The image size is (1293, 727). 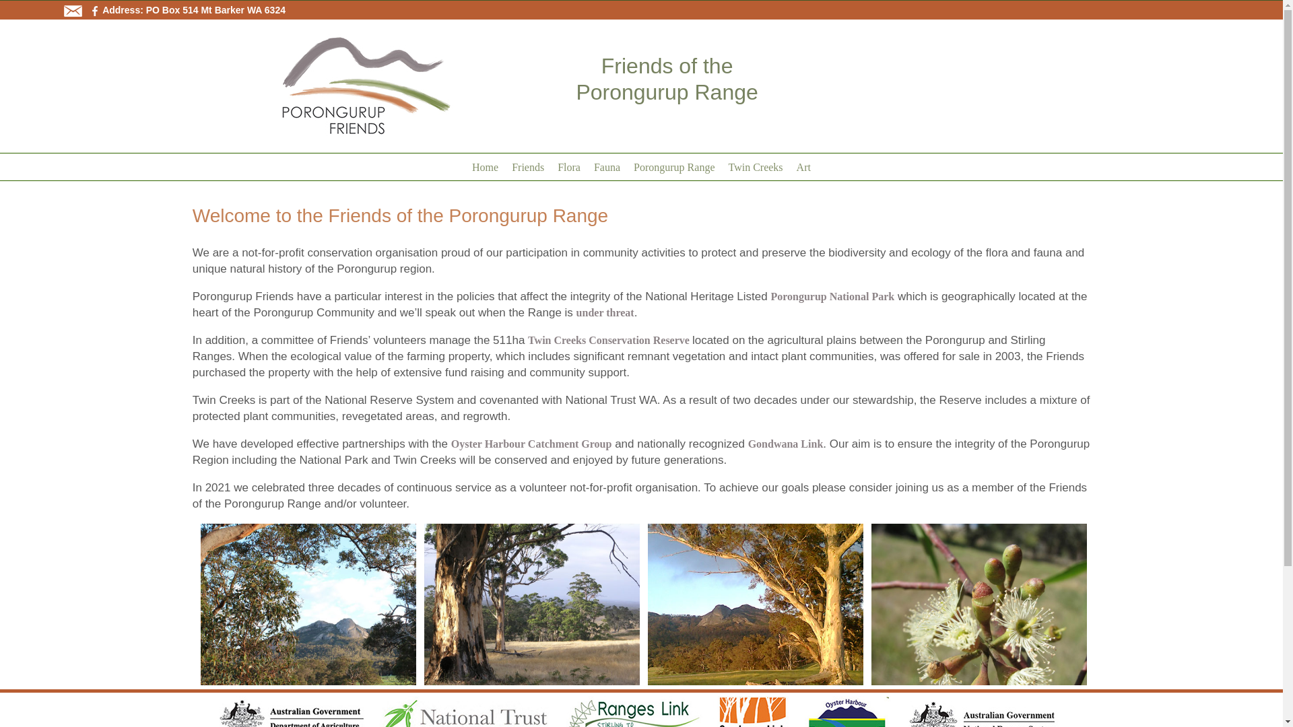 I want to click on 'Gondwana Link', so click(x=785, y=444).